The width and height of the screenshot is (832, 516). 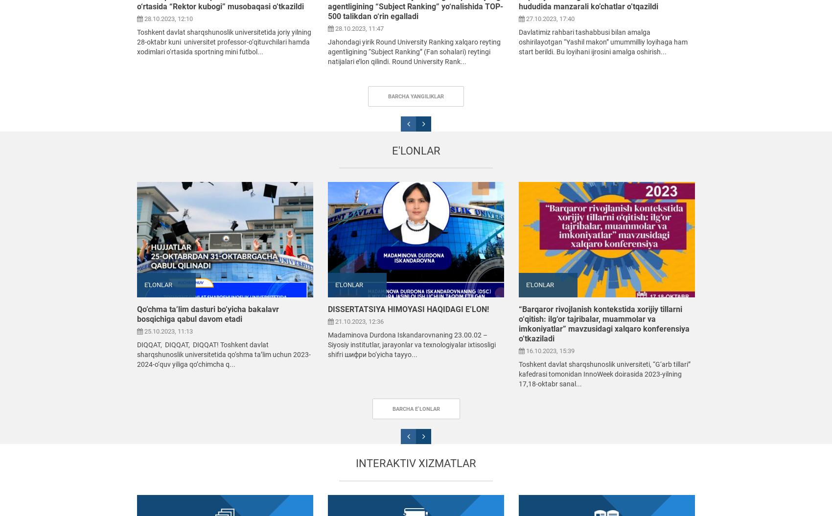 What do you see at coordinates (416, 96) in the screenshot?
I see `'Barcha yangiliklar'` at bounding box center [416, 96].